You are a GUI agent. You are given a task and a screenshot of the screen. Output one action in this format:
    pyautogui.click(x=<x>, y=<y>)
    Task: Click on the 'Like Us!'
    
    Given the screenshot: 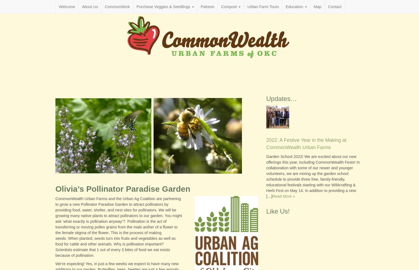 What is the action you would take?
    pyautogui.click(x=278, y=211)
    